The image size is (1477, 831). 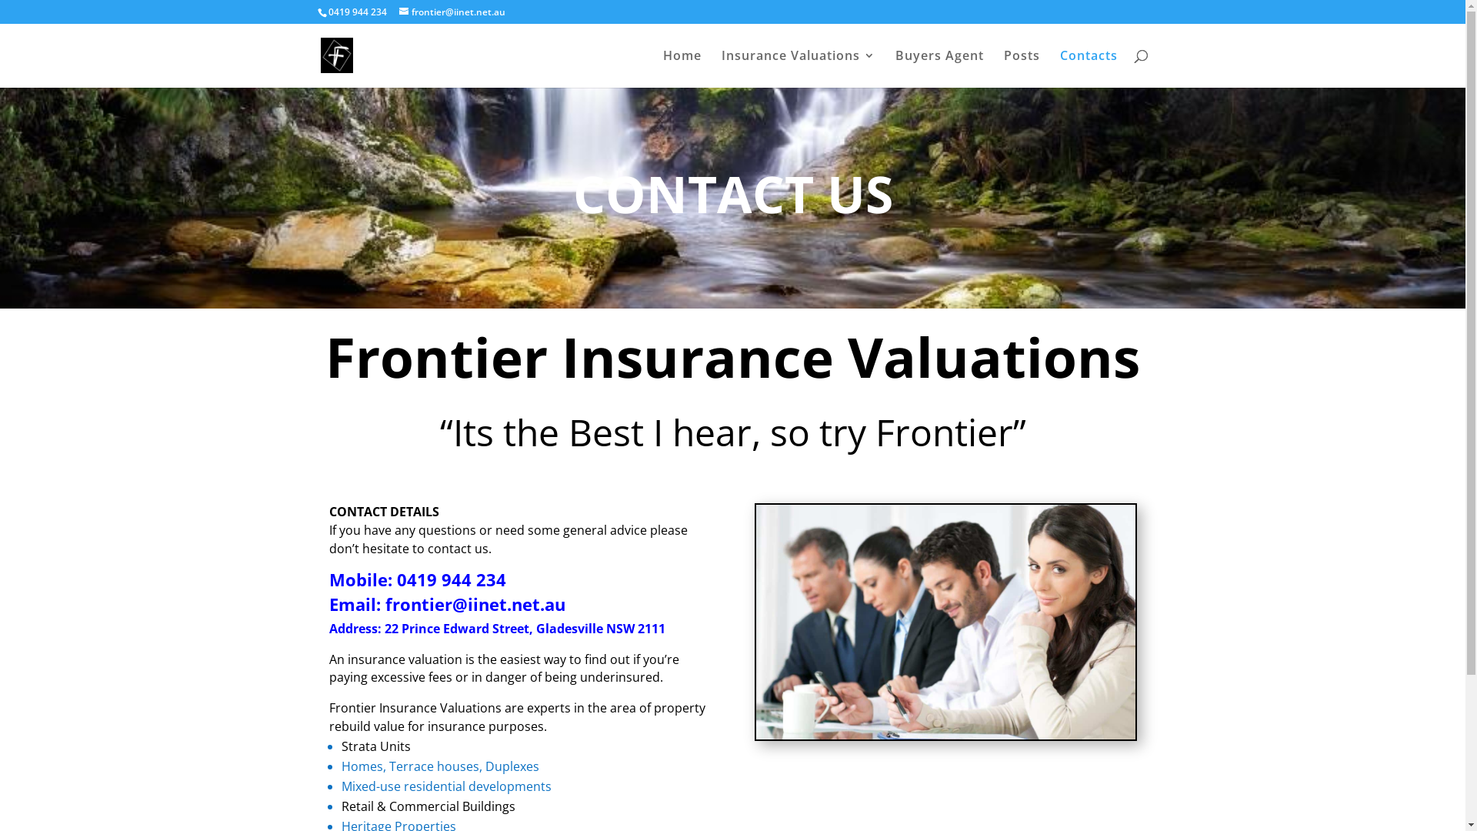 I want to click on 'Posts', so click(x=1021, y=68).